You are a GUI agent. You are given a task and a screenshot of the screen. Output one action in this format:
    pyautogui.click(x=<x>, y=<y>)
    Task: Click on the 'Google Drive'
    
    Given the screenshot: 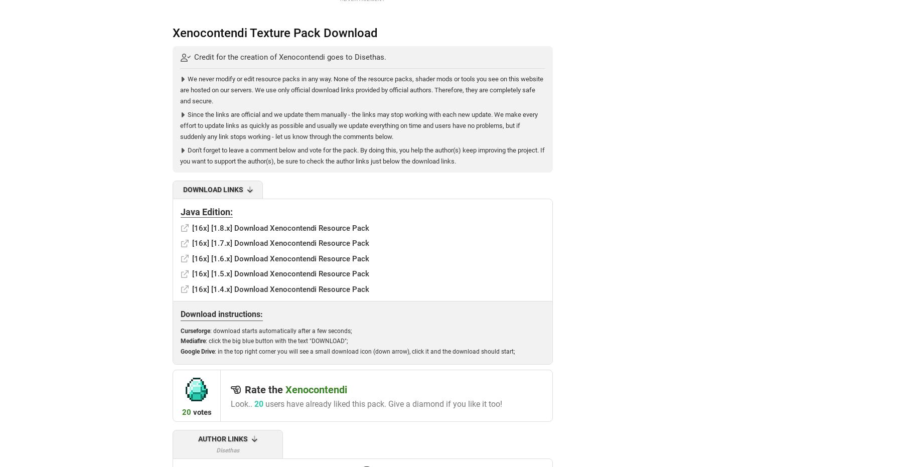 What is the action you would take?
    pyautogui.click(x=197, y=351)
    